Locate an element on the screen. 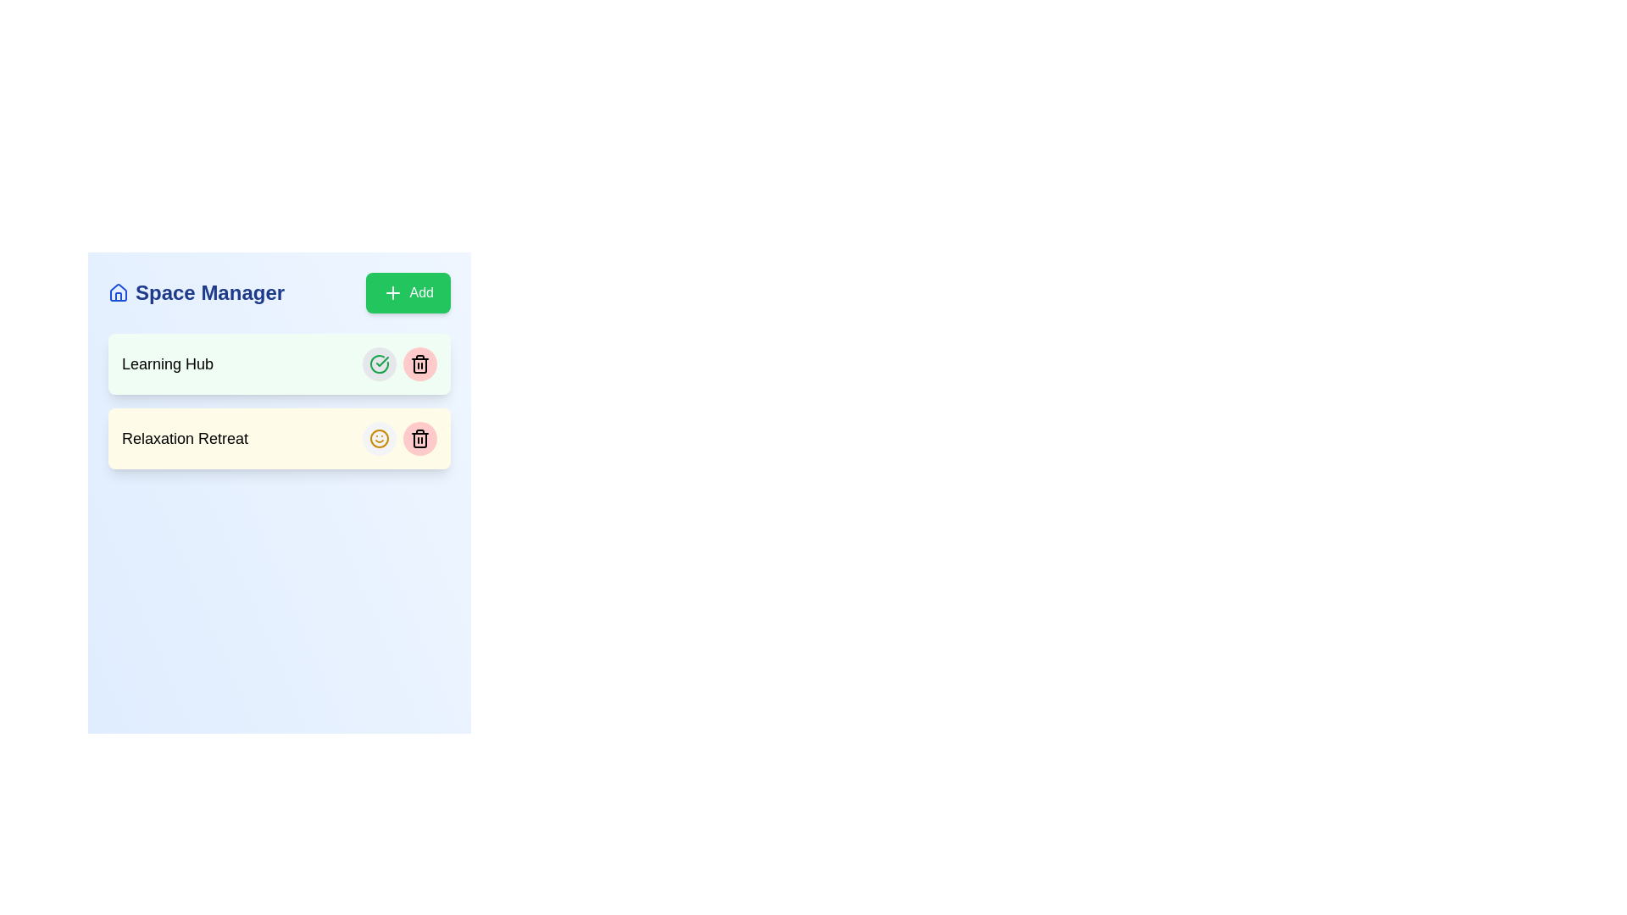  the circular button with a light gray background and a check mark inside a green circle, located under the 'Space Manager' heading in the 'Learning Hub' list item is located at coordinates (378, 363).